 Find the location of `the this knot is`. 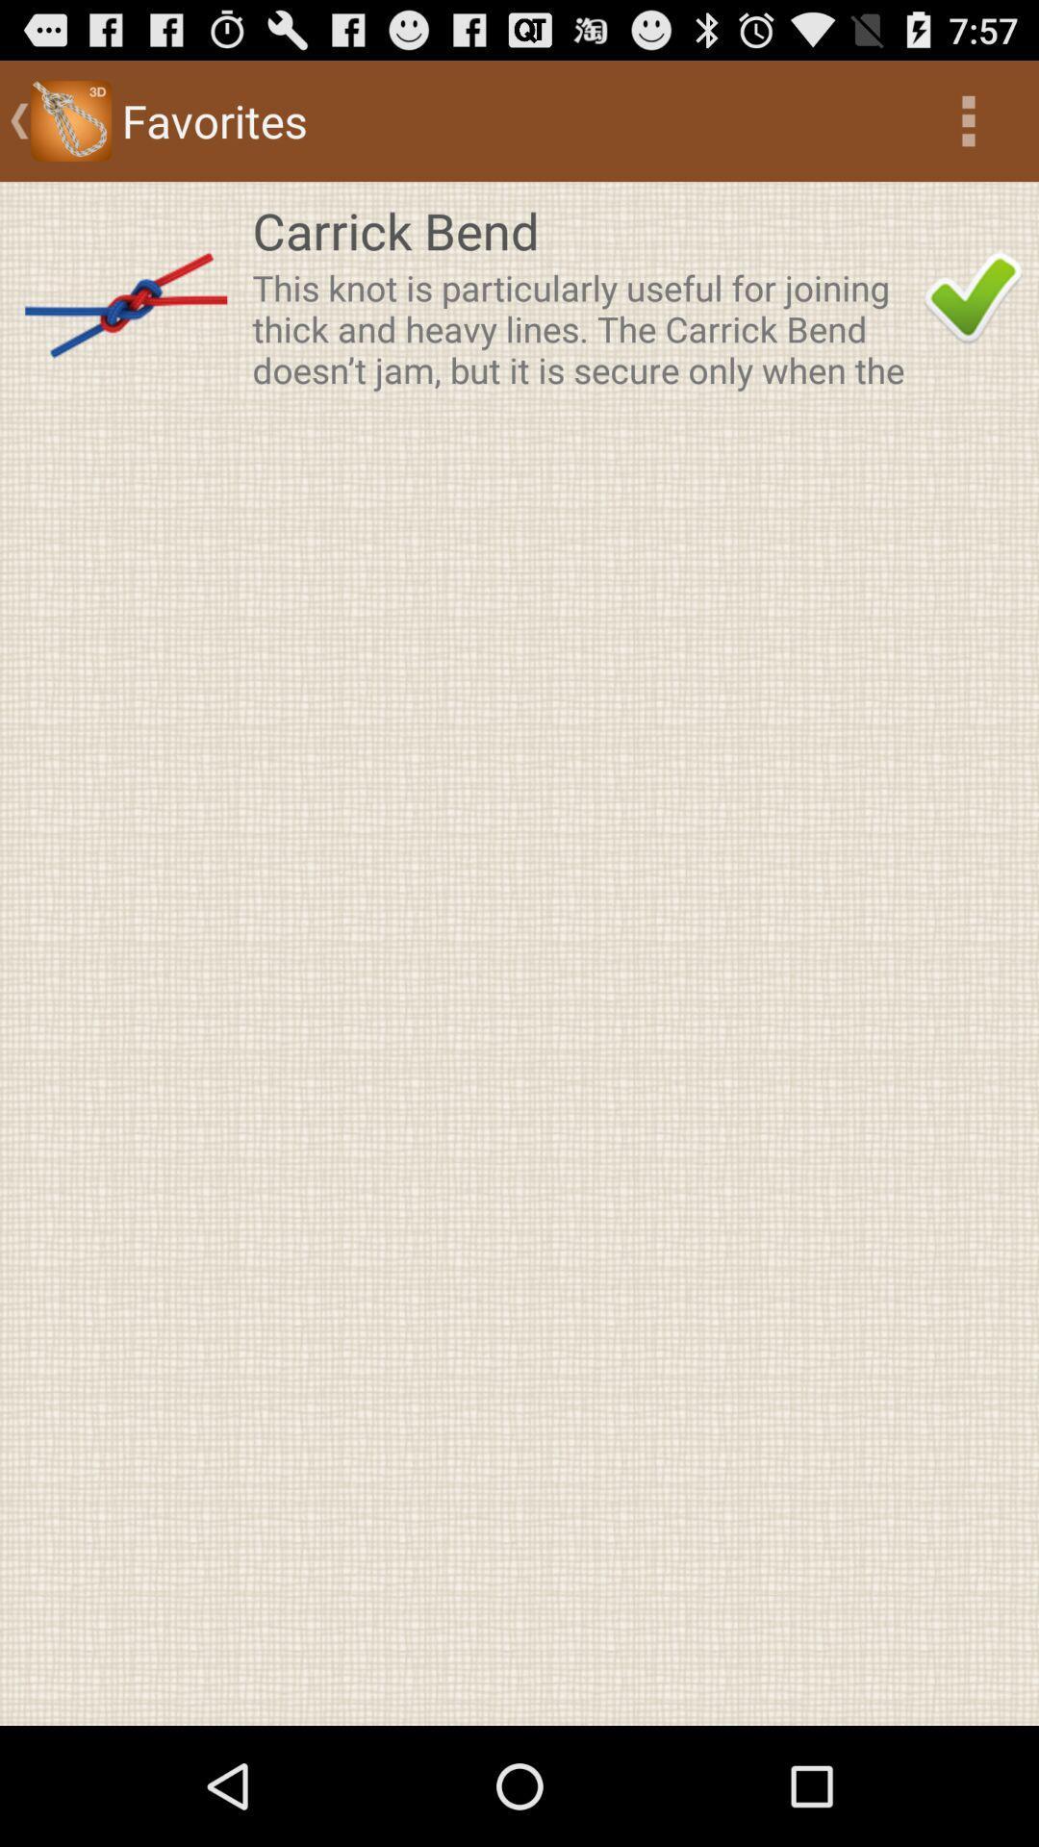

the this knot is is located at coordinates (581, 328).